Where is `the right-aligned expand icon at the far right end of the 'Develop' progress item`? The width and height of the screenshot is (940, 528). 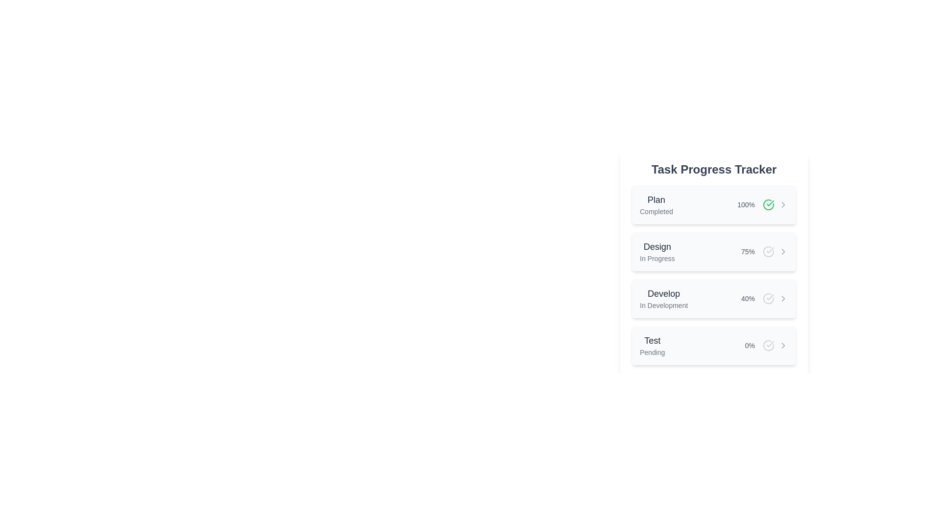 the right-aligned expand icon at the far right end of the 'Develop' progress item is located at coordinates (782, 298).